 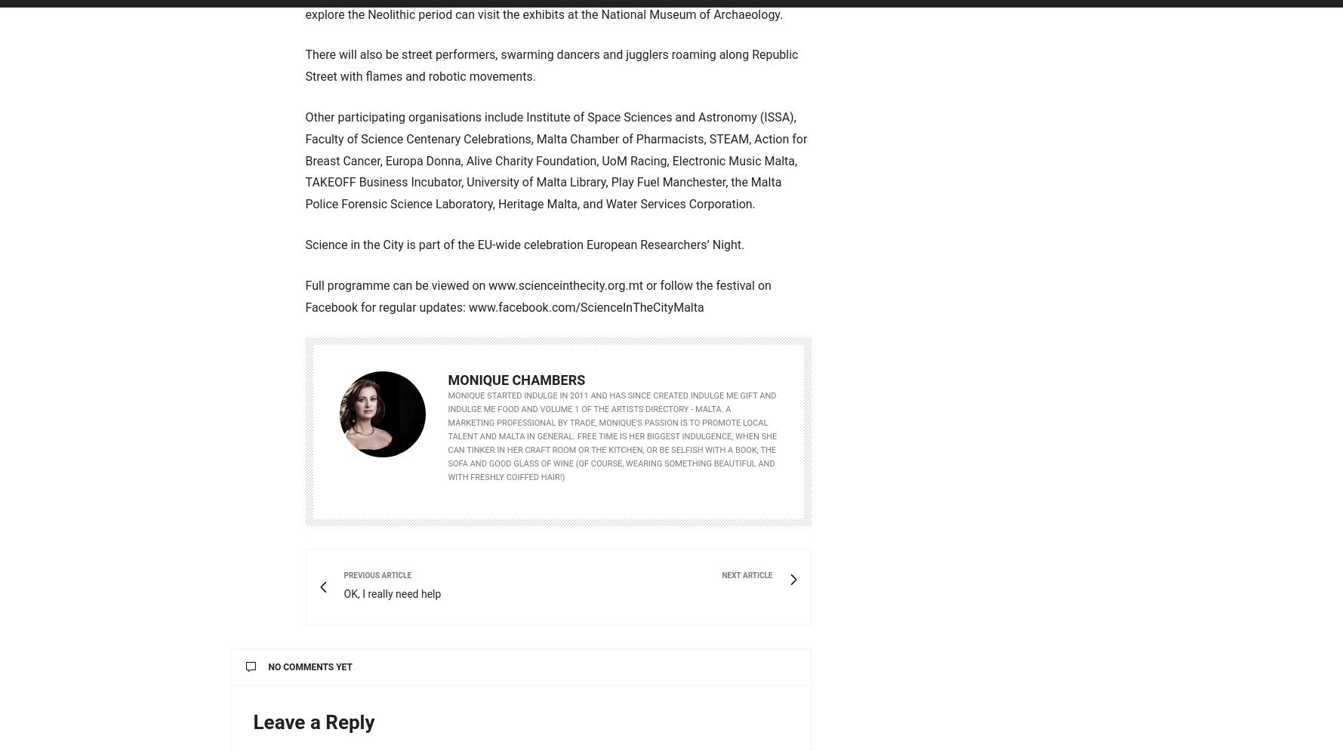 What do you see at coordinates (525, 244) in the screenshot?
I see `'Science in the City is part of the EU-wide celebration European Researchers’ Night.'` at bounding box center [525, 244].